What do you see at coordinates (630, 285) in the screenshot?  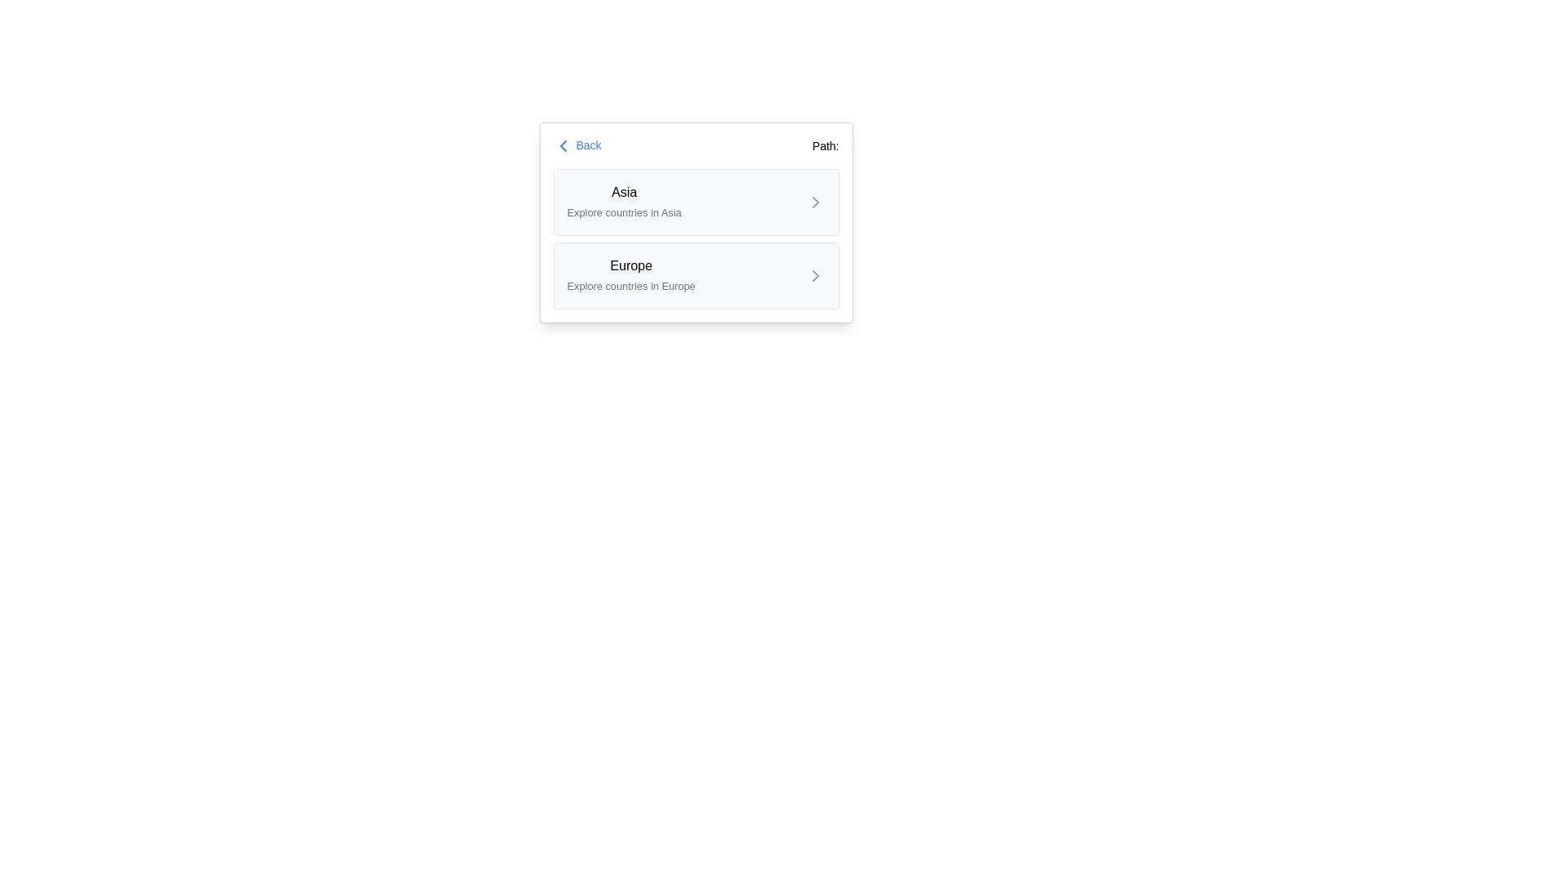 I see `the text label styled in gray font that reads 'Explore countries in Europe', which is positioned below the heading 'Europe' within its card` at bounding box center [630, 285].